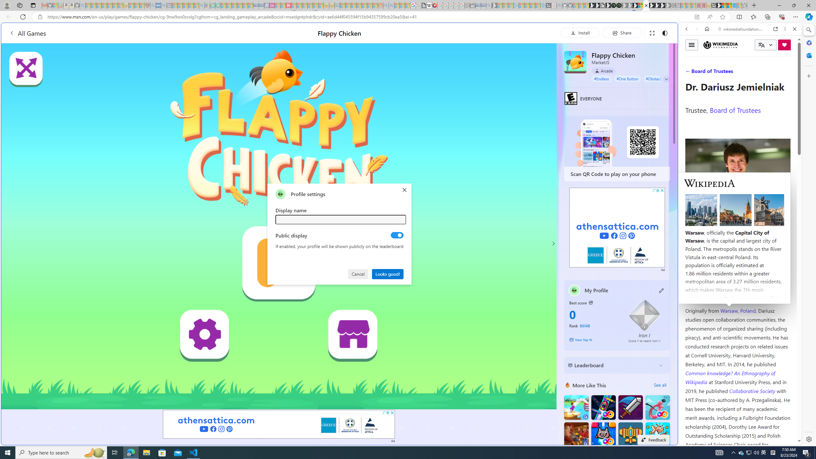  Describe the element at coordinates (261, 5) in the screenshot. I see `'Cheap Hotels - Save70.com - Sleeping'` at that location.